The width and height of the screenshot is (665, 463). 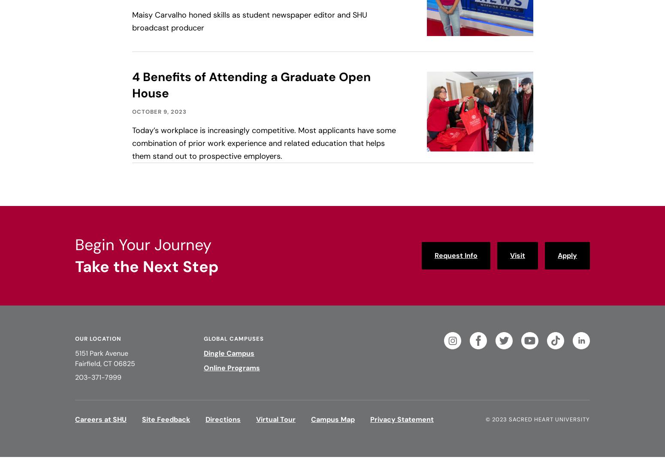 I want to click on 'CT', so click(x=107, y=363).